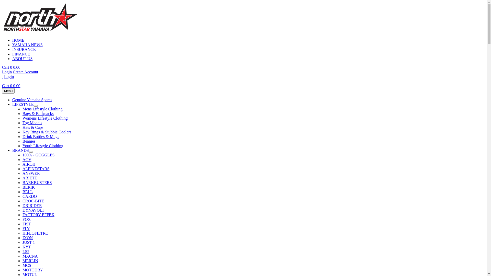  What do you see at coordinates (33, 127) in the screenshot?
I see `'Hats & Caps'` at bounding box center [33, 127].